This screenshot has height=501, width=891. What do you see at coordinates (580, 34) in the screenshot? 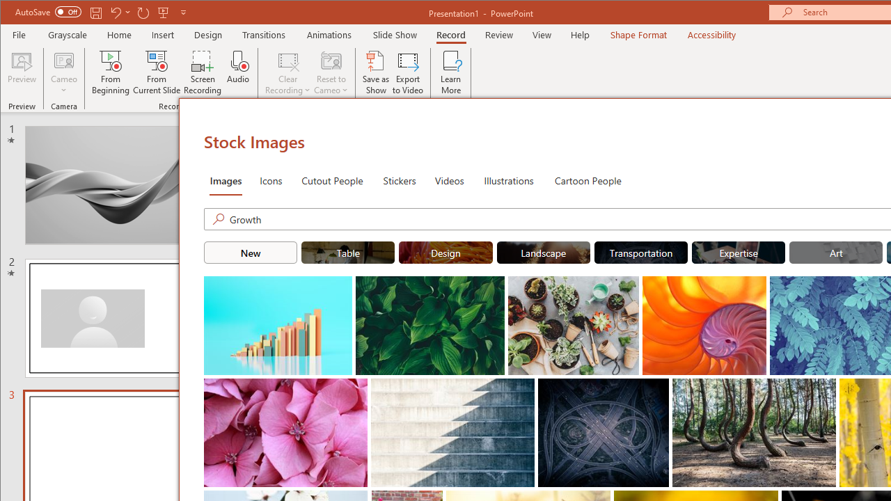
I see `'Help'` at bounding box center [580, 34].